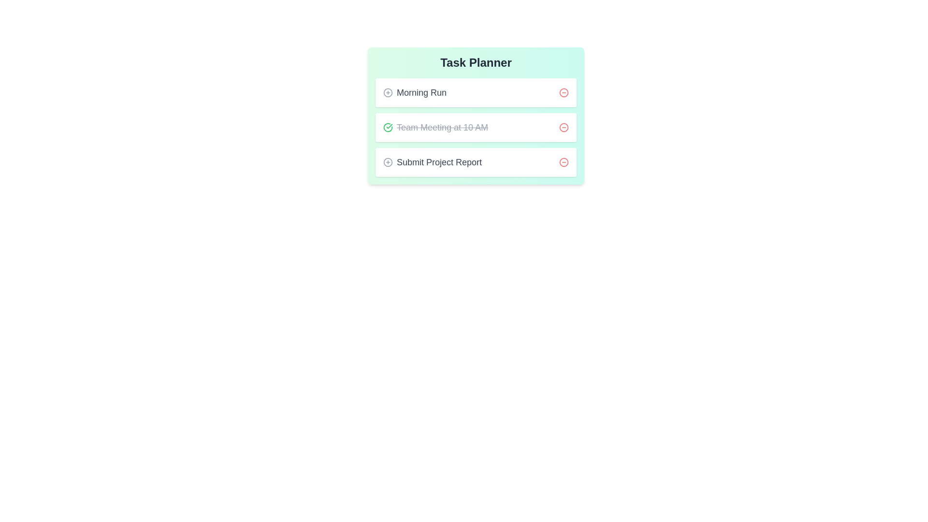  I want to click on the delete button of the task with name Submit Project Report, so click(564, 161).